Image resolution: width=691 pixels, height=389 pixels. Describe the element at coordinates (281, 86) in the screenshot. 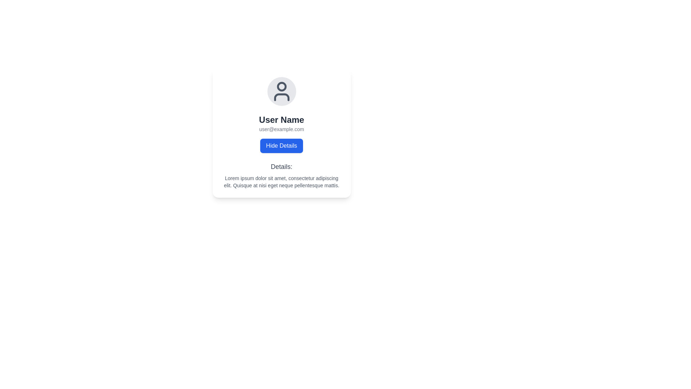

I see `the decorative SVG circle element that represents the user's head in the user profile icon` at that location.